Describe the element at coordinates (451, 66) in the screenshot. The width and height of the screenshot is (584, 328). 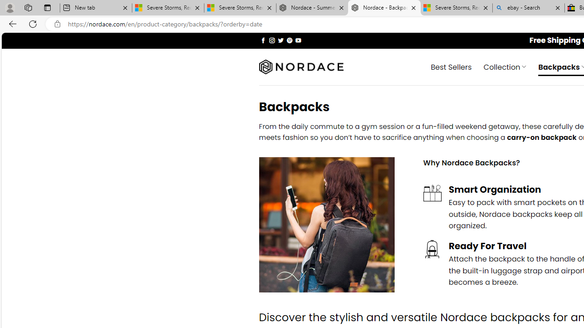
I see `' Best Sellers'` at that location.